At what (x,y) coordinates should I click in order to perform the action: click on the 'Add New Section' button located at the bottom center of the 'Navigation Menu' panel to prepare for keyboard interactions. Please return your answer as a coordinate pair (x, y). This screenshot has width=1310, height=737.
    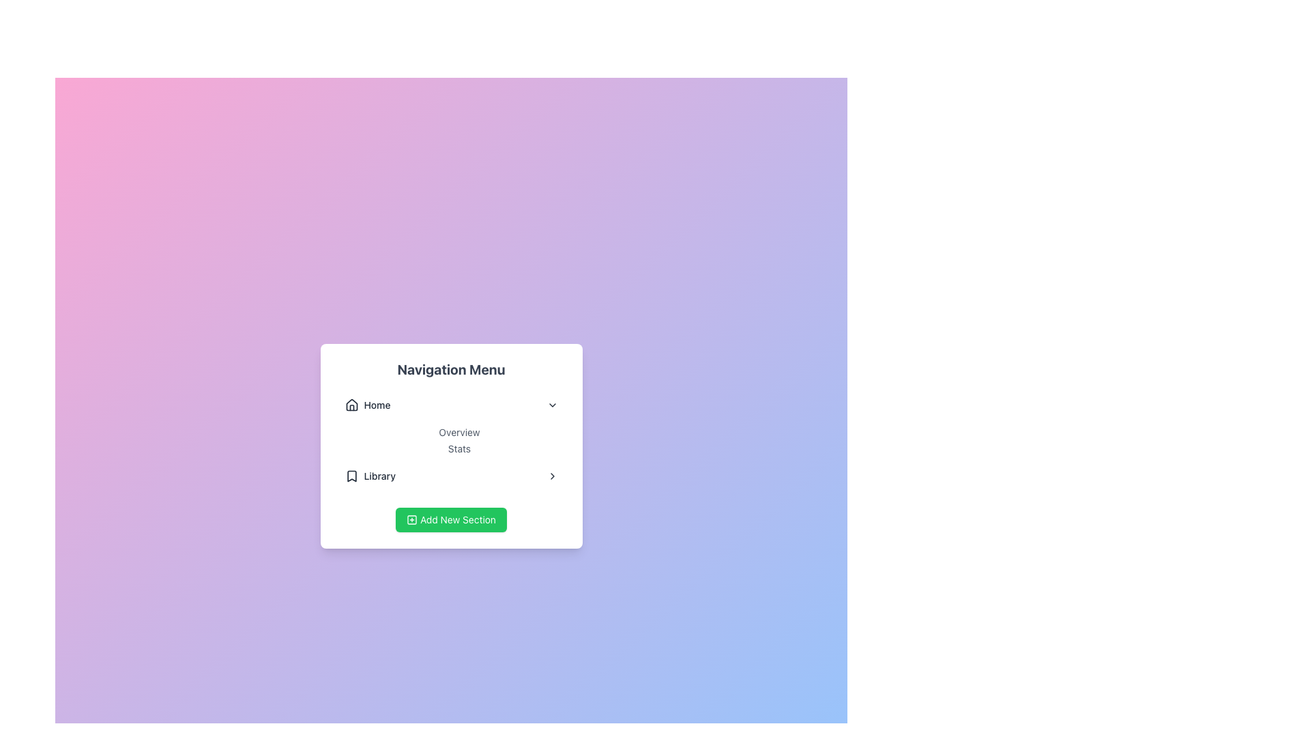
    Looking at the image, I should click on (451, 520).